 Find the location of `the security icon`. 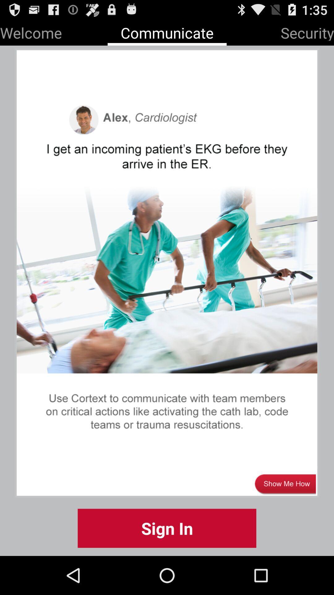

the security icon is located at coordinates (307, 31).